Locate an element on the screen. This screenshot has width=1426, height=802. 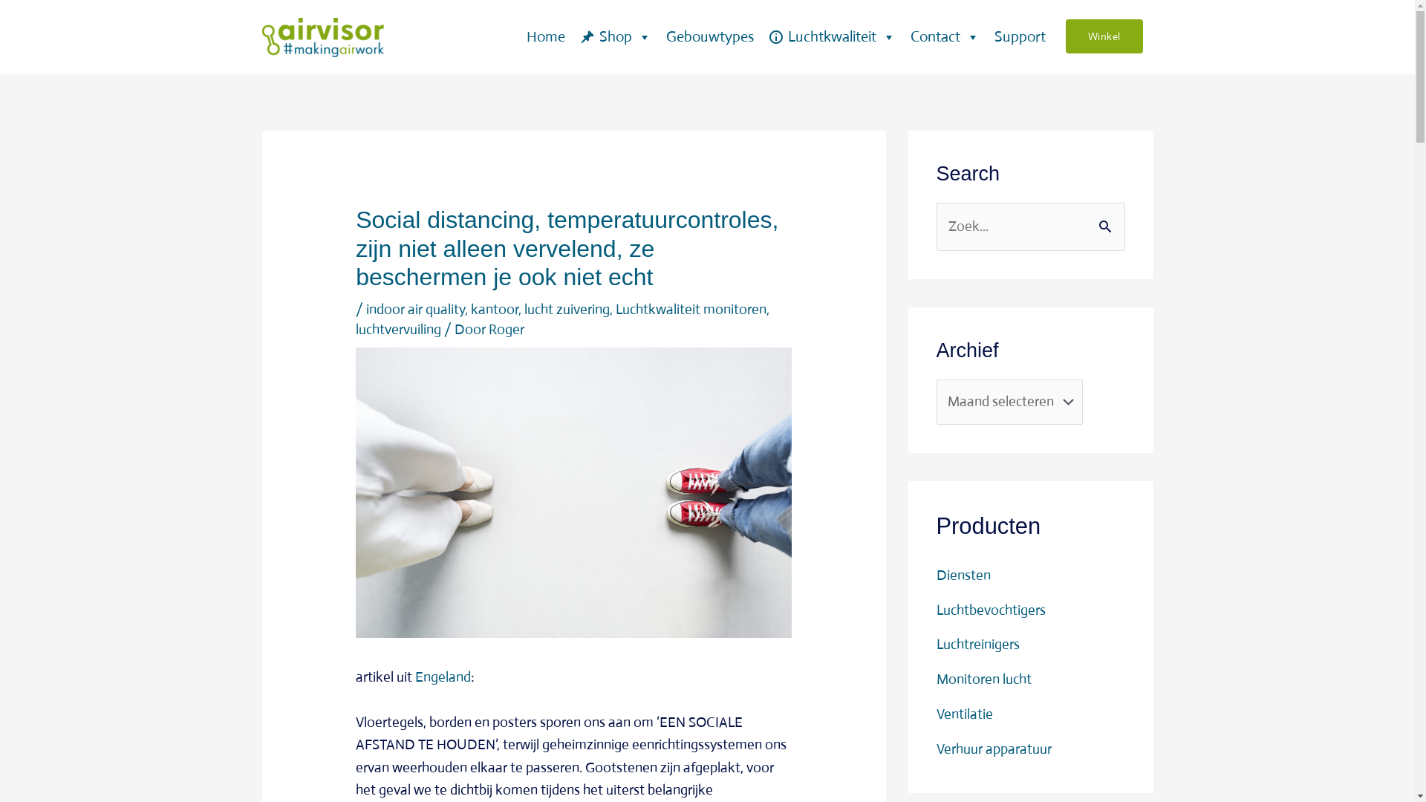
'kantoor' is located at coordinates (495, 308).